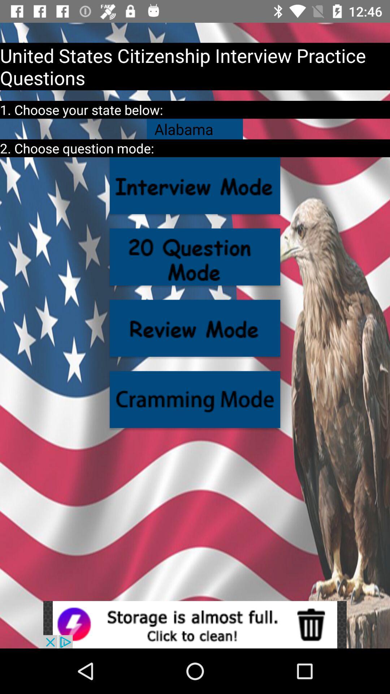  I want to click on choose interview mode, so click(195, 185).